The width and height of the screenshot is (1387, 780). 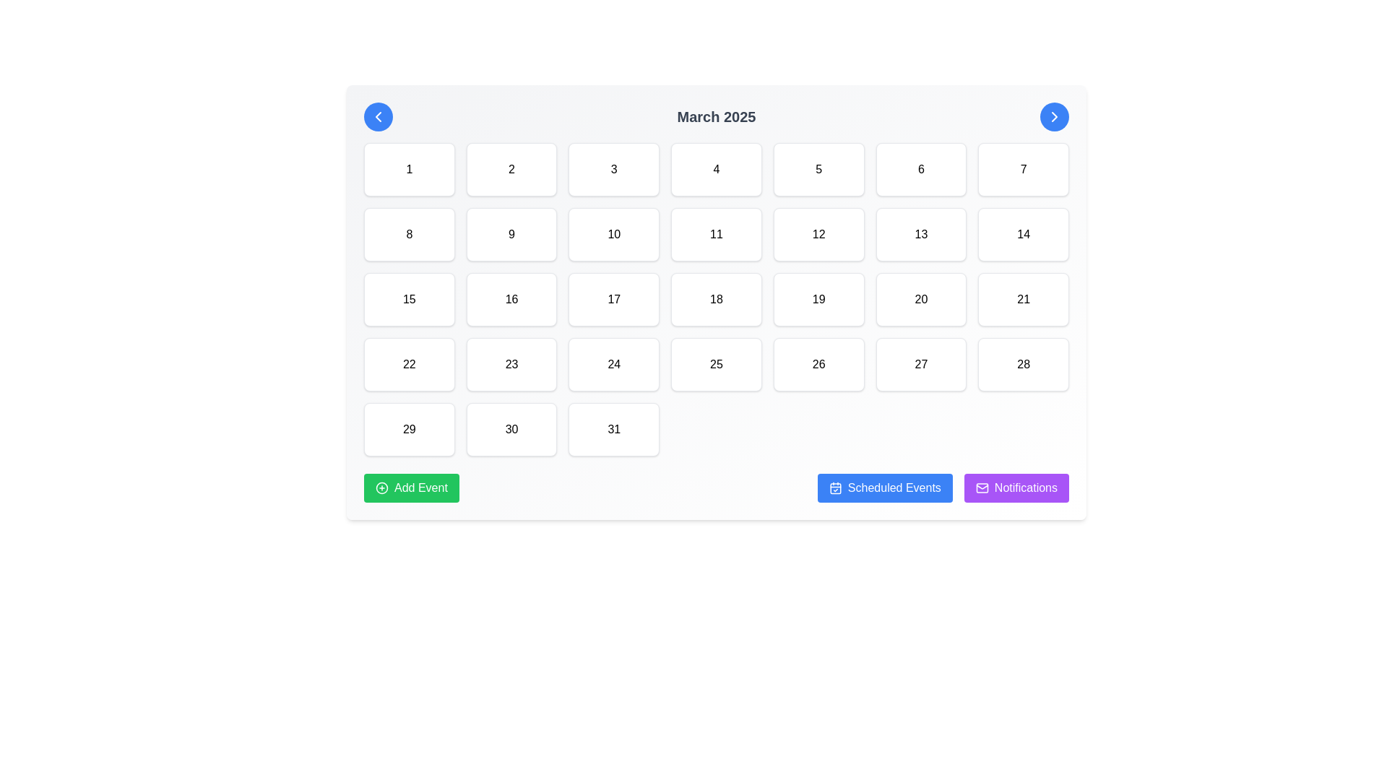 I want to click on the date button representing the 30th day of the month in the calendar grid, so click(x=511, y=428).